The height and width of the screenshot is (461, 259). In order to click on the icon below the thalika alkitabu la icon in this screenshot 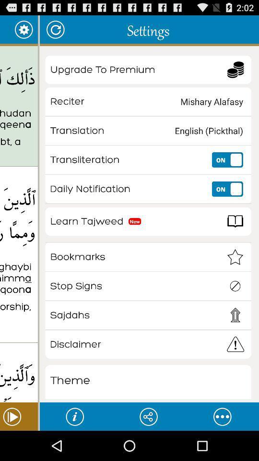, I will do `click(19, 149)`.